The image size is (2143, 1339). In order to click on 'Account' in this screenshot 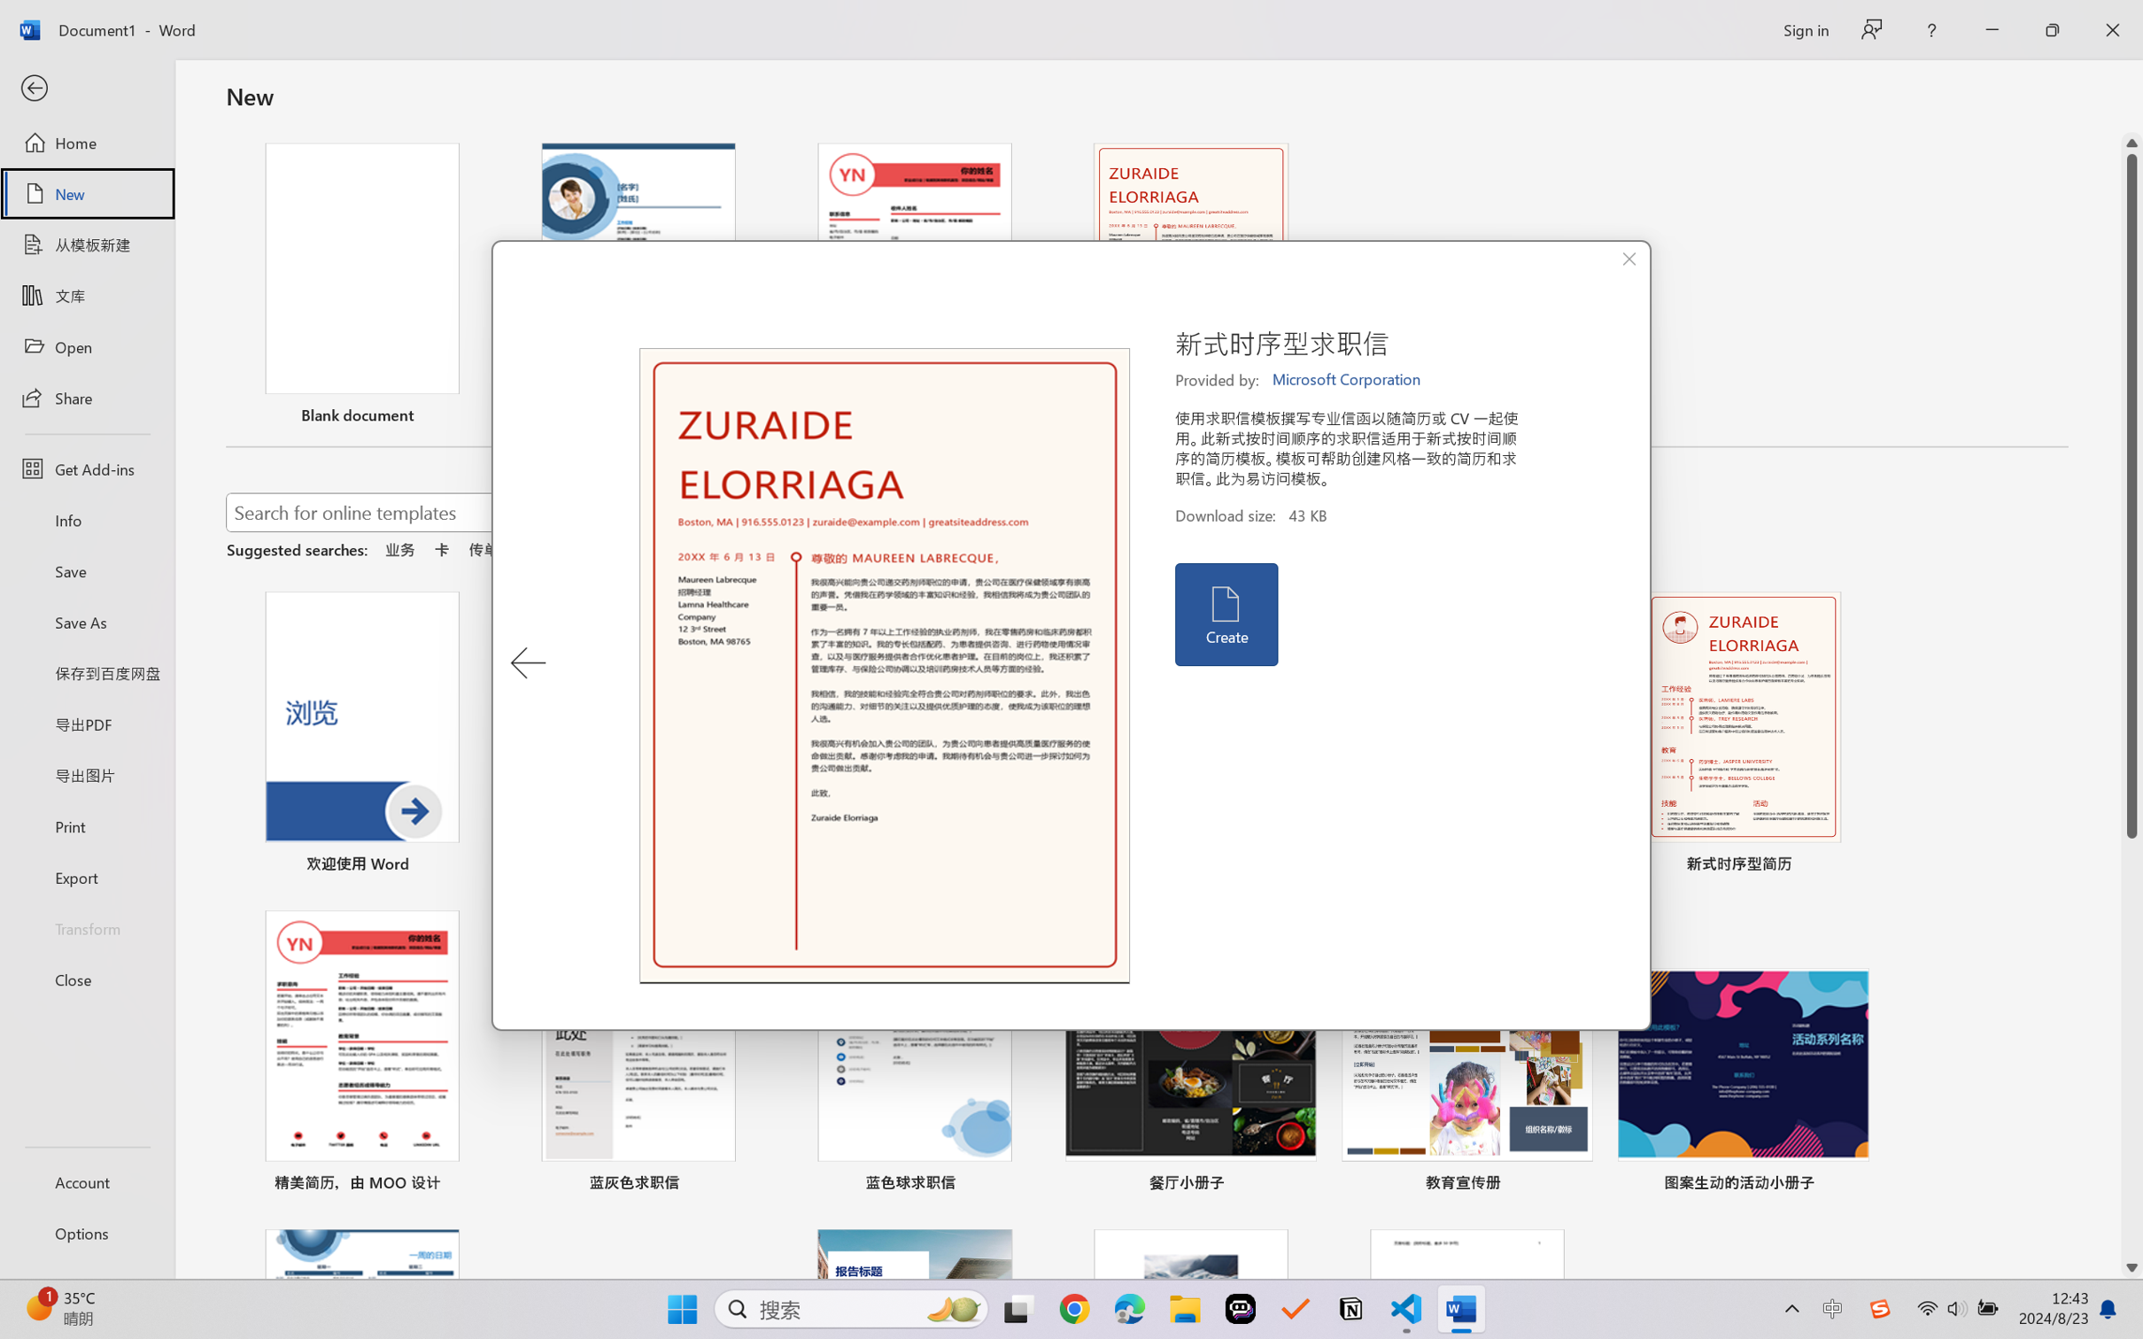, I will do `click(86, 1181)`.